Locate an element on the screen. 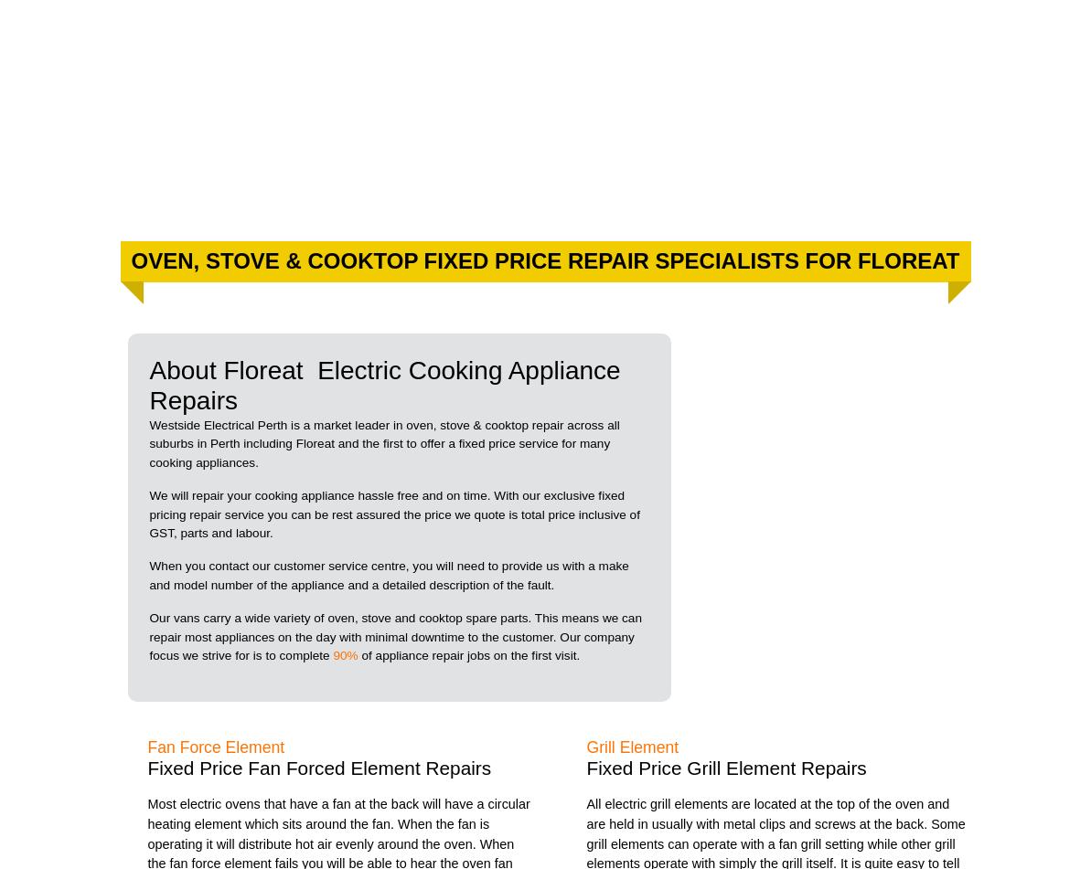 Image resolution: width=1091 pixels, height=869 pixels. 'Fixed Price Grill Element Repairs' is located at coordinates (584, 767).